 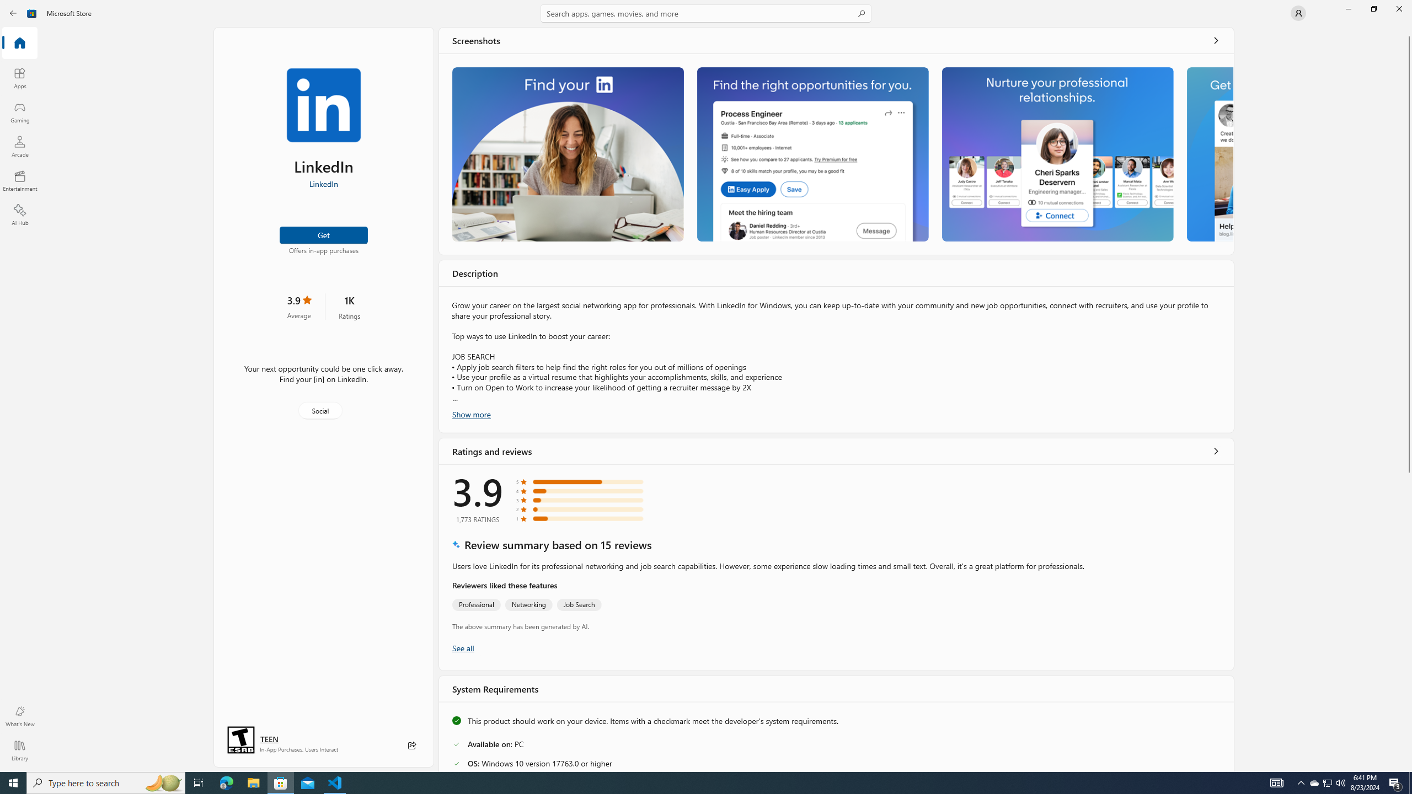 What do you see at coordinates (706, 13) in the screenshot?
I see `'Search'` at bounding box center [706, 13].